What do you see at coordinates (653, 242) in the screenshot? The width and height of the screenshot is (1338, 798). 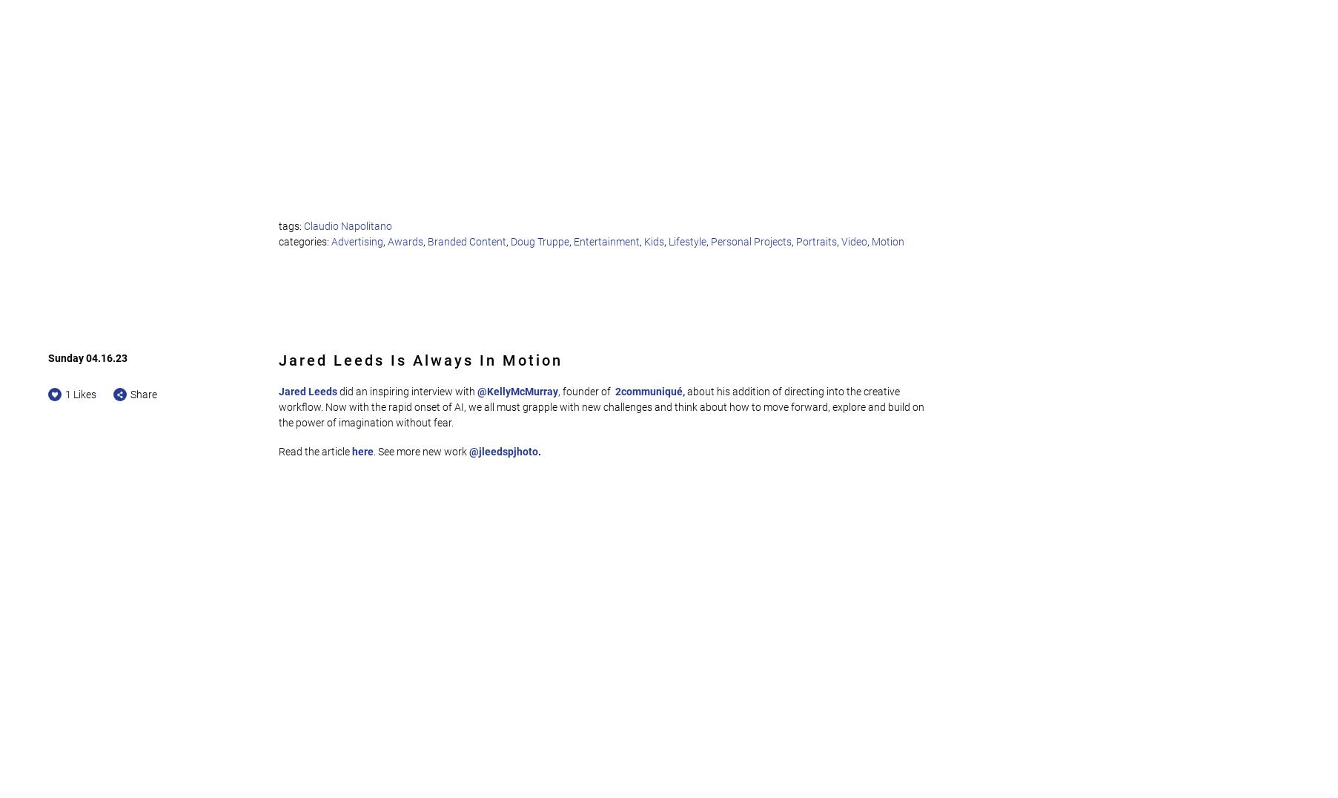 I see `'Kids'` at bounding box center [653, 242].